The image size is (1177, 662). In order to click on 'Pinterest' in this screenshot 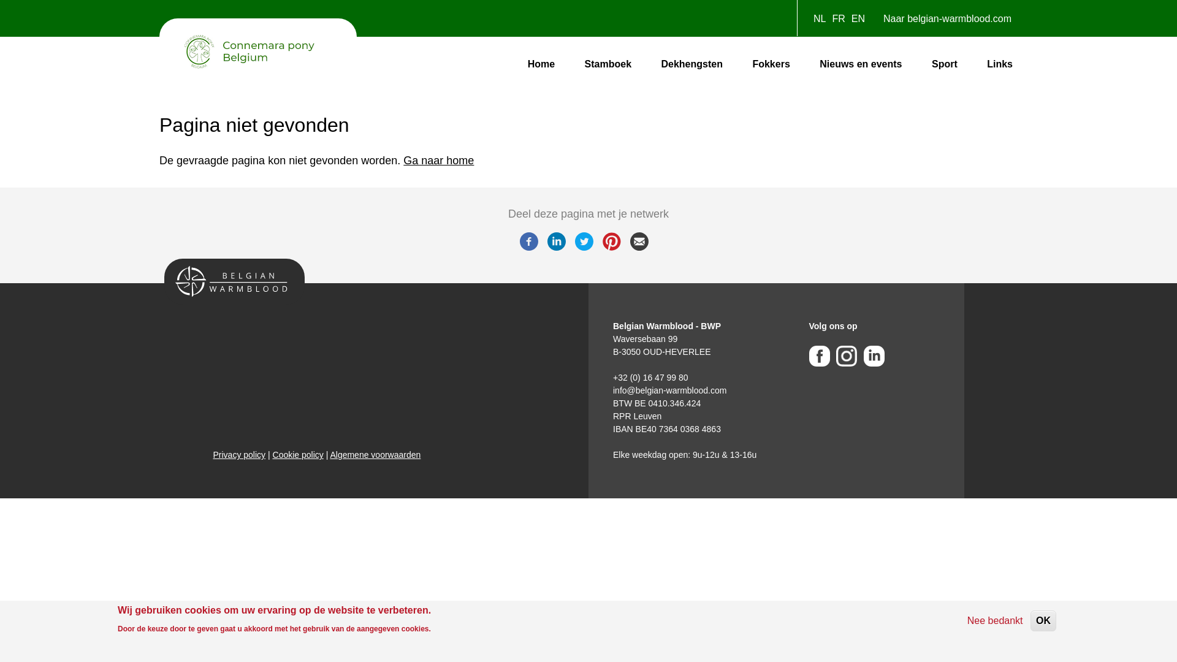, I will do `click(611, 247)`.